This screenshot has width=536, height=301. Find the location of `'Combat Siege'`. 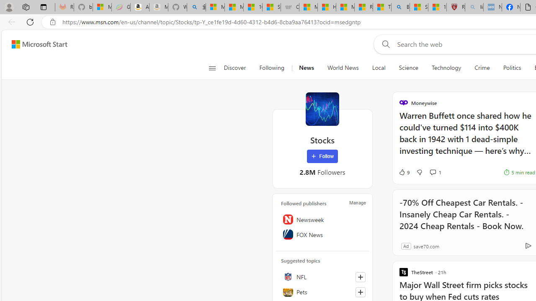

'Combat Siege' is located at coordinates (290, 7).